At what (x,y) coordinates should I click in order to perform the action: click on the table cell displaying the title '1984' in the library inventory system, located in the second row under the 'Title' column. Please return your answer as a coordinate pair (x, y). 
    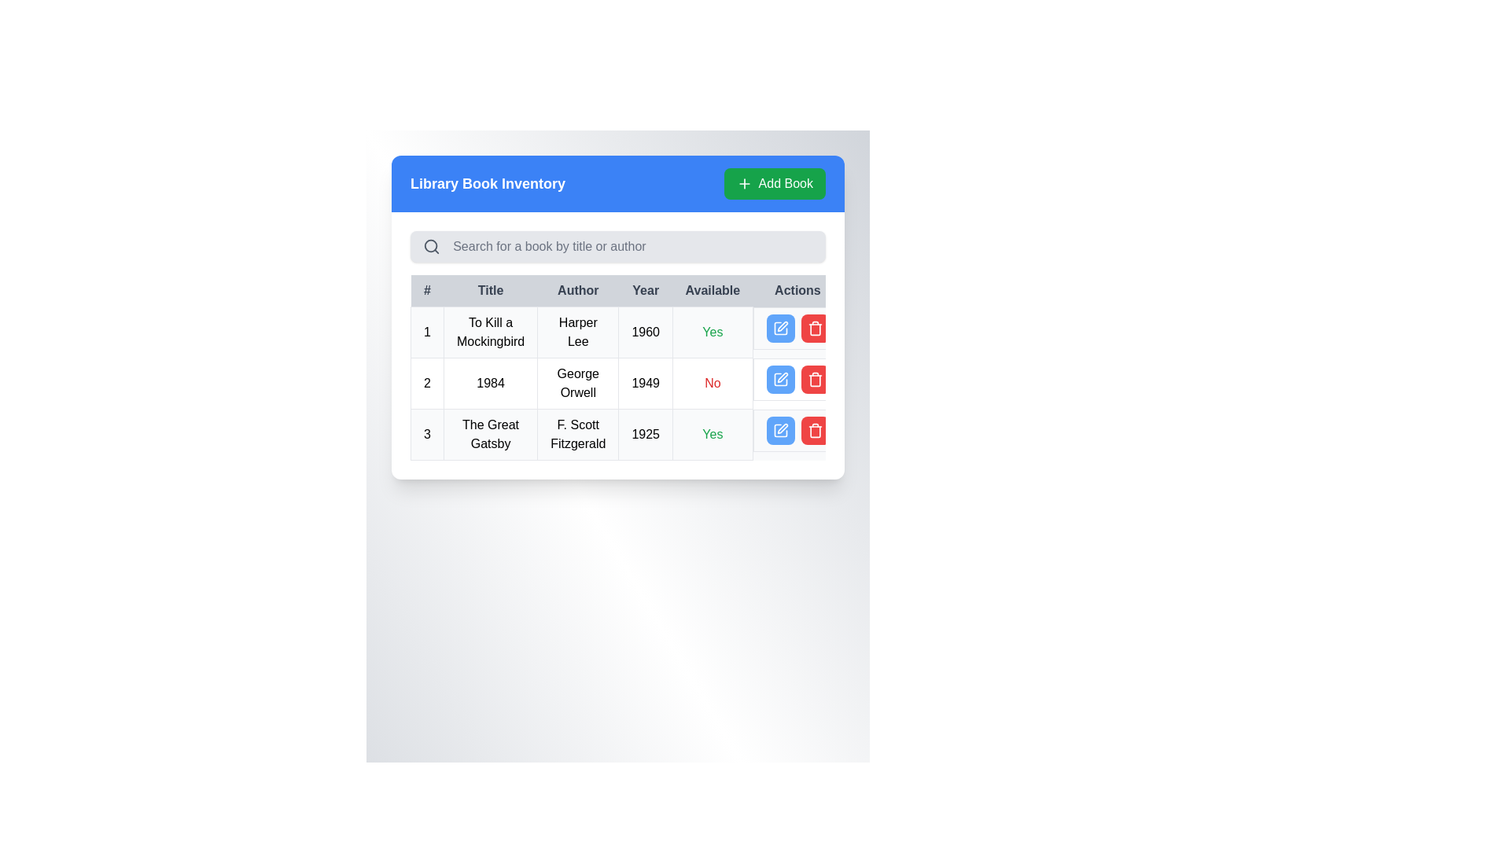
    Looking at the image, I should click on (490, 384).